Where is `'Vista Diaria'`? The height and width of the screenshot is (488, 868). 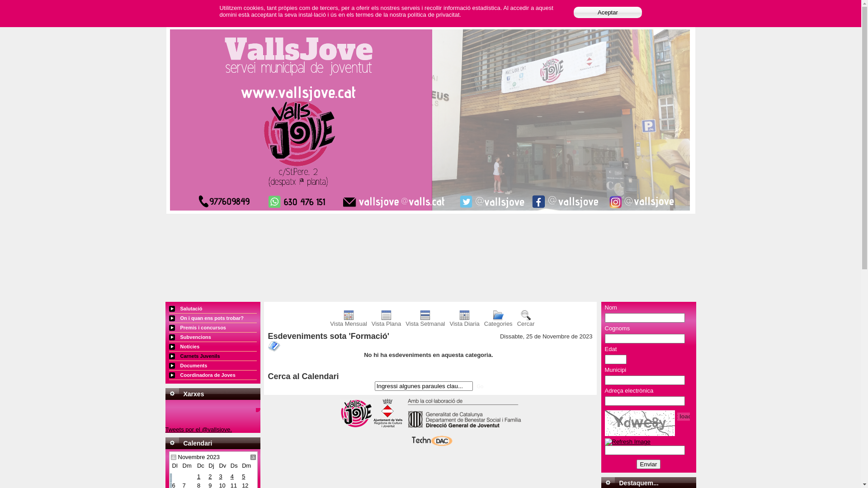 'Vista Diaria' is located at coordinates (464, 320).